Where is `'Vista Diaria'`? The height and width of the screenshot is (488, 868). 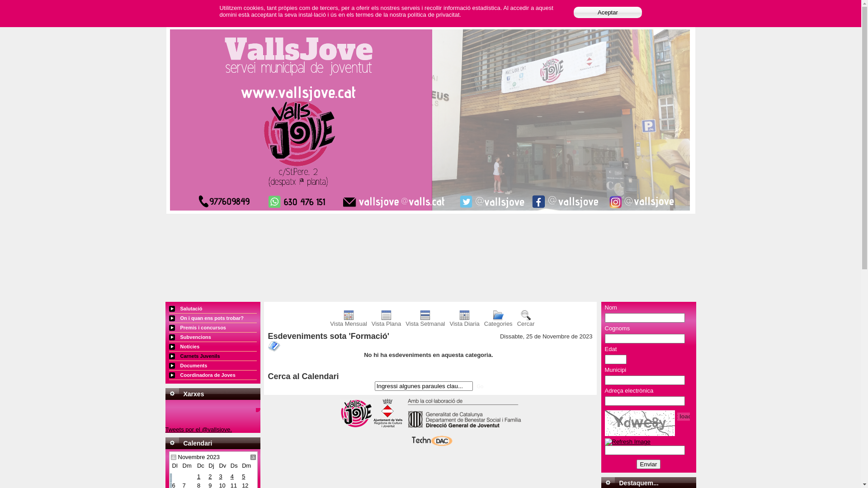 'Vista Diaria' is located at coordinates (464, 320).